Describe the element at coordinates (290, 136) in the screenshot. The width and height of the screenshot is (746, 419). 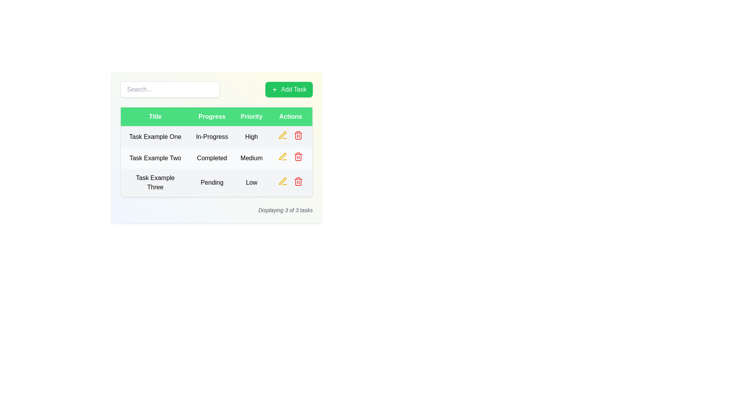
I see `the table cell in the 'Actions' column of the row for 'Task Example One', which separates interactive elements within that column` at that location.